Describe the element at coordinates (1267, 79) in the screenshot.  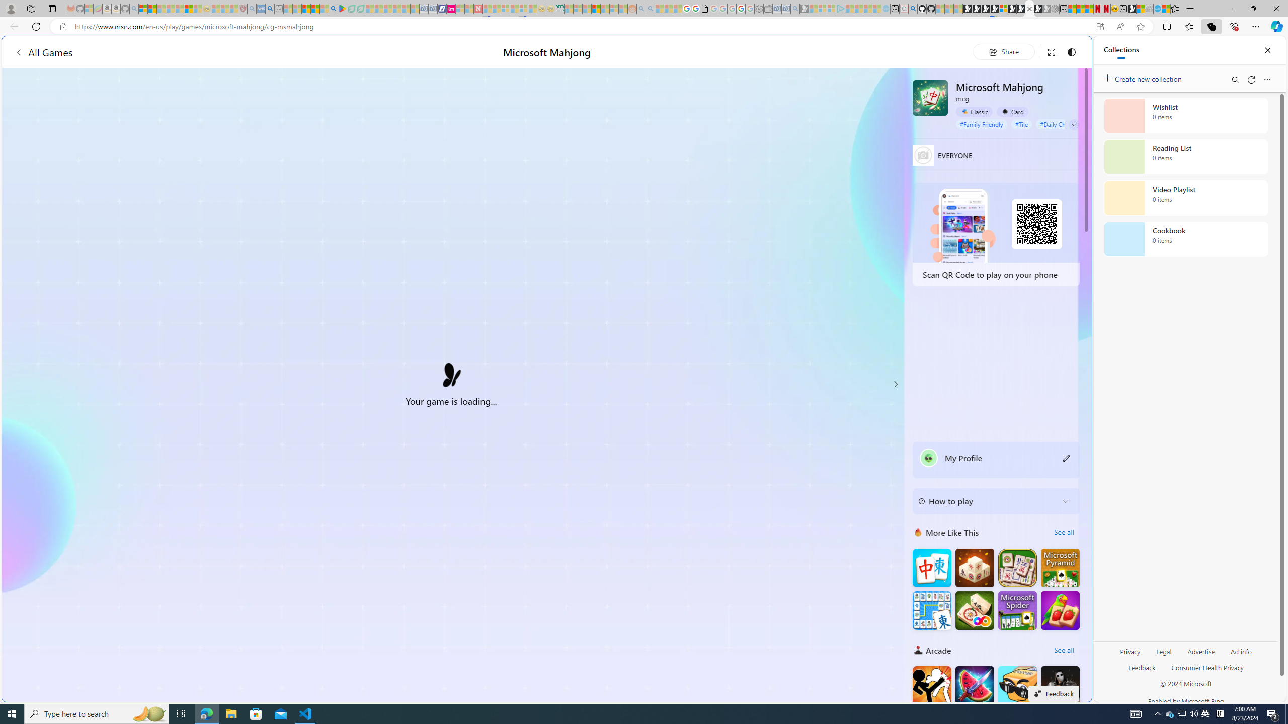
I see `'More options menu'` at that location.